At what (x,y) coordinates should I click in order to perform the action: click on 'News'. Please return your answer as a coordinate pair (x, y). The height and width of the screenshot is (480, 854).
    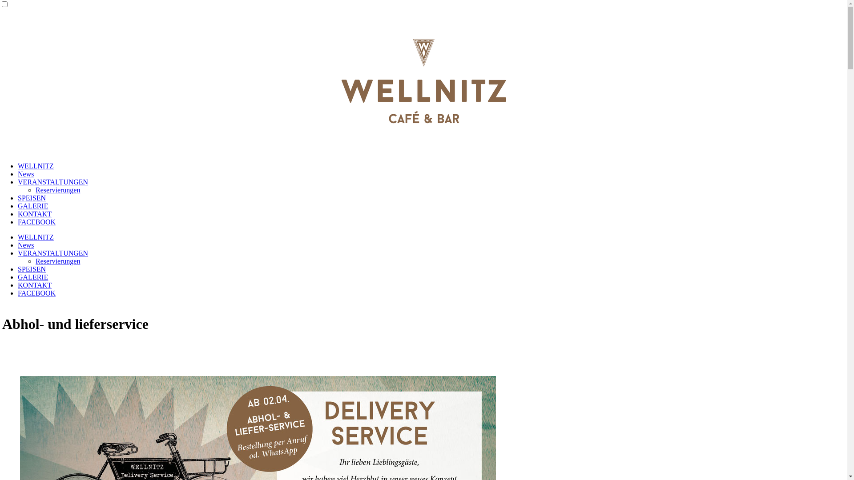
    Looking at the image, I should click on (25, 245).